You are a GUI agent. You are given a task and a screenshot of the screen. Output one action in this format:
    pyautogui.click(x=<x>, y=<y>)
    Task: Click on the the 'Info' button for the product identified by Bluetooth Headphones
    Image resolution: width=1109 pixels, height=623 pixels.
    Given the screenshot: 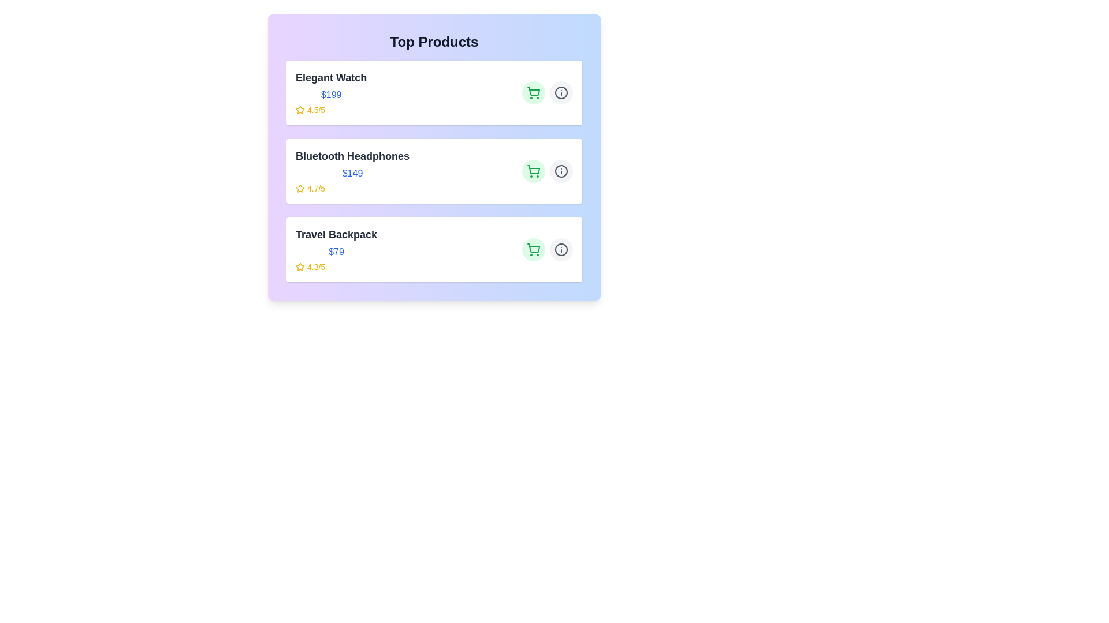 What is the action you would take?
    pyautogui.click(x=561, y=171)
    